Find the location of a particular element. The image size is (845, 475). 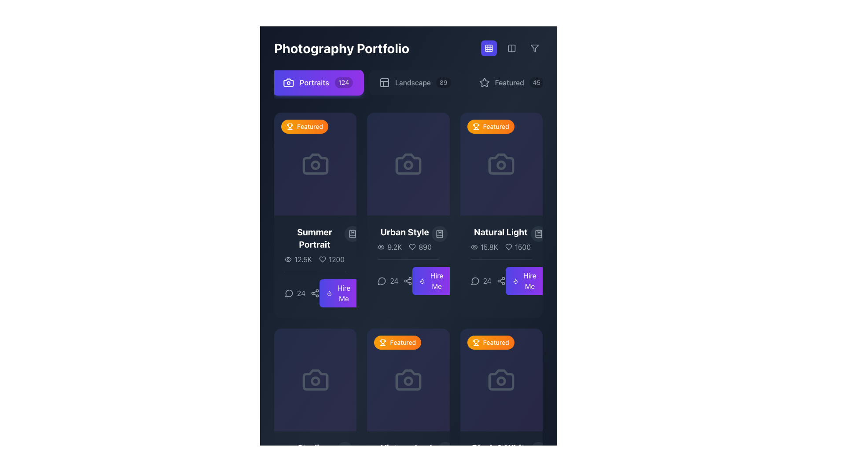

the elliptical shape that is part of the eye icon representation, centrally located within the eye icon component in the upper-right section of the interface is located at coordinates (381, 247).